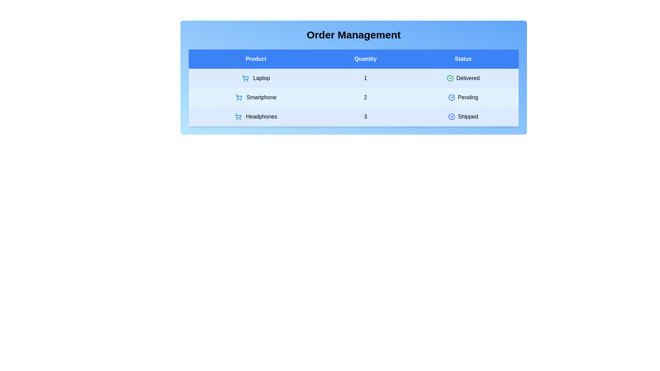 The width and height of the screenshot is (660, 371). What do you see at coordinates (255, 59) in the screenshot?
I see `the header title 'Product' to sort the table by that column` at bounding box center [255, 59].